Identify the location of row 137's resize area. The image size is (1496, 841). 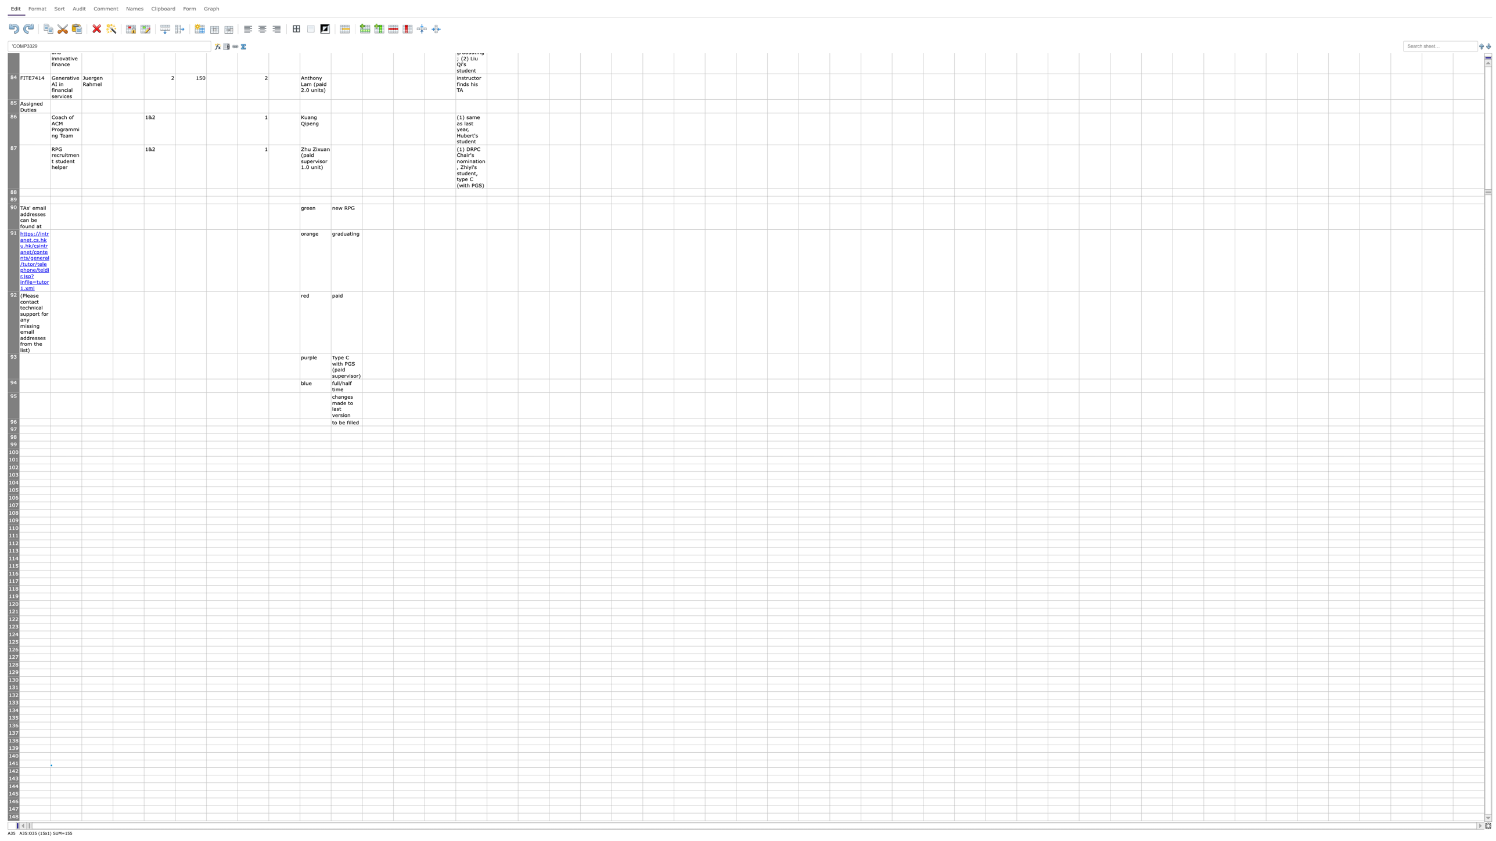
(13, 737).